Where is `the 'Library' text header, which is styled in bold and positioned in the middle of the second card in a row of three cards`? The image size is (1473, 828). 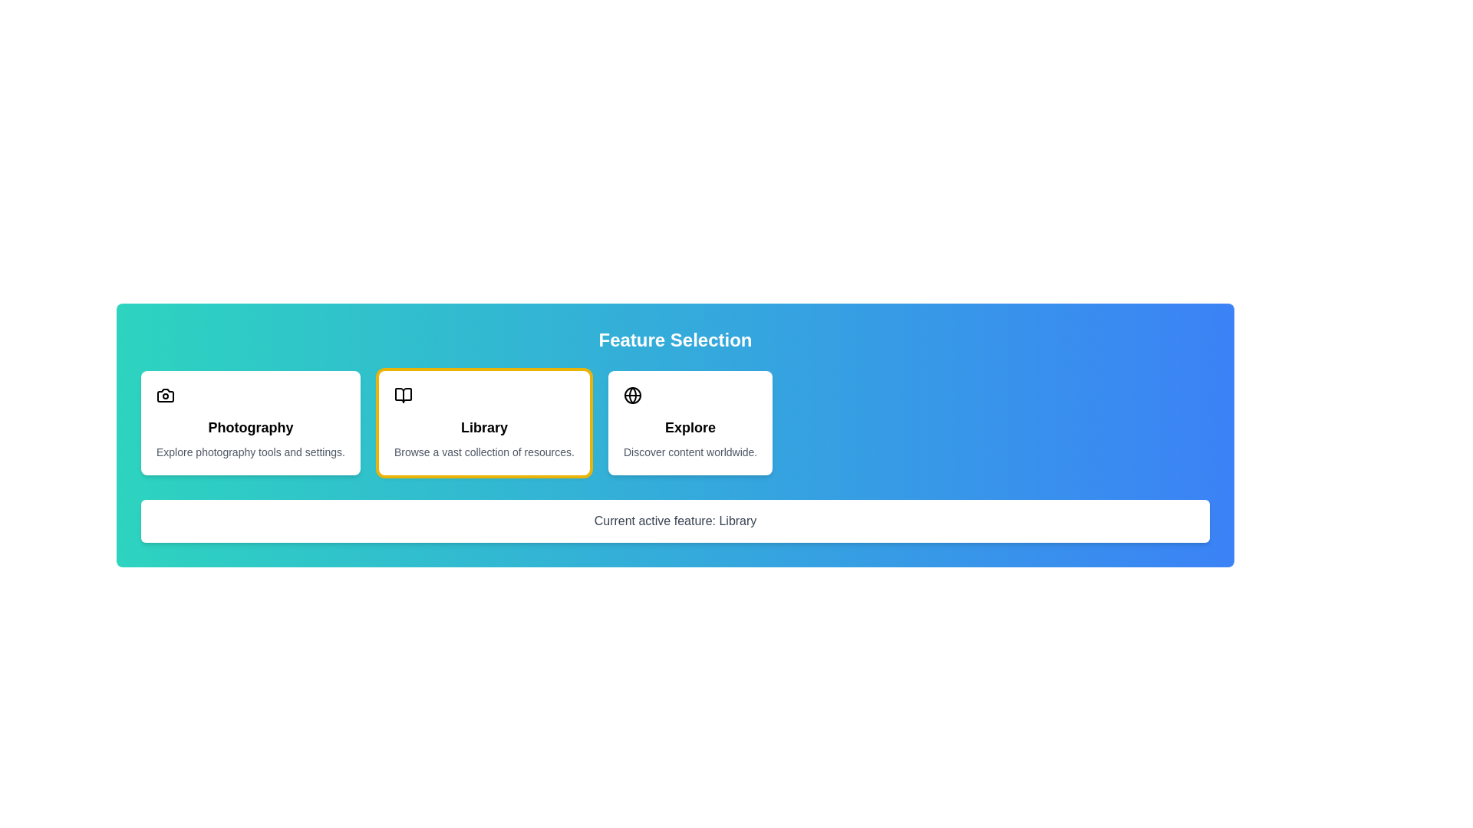
the 'Library' text header, which is styled in bold and positioned in the middle of the second card in a row of three cards is located at coordinates (483, 428).